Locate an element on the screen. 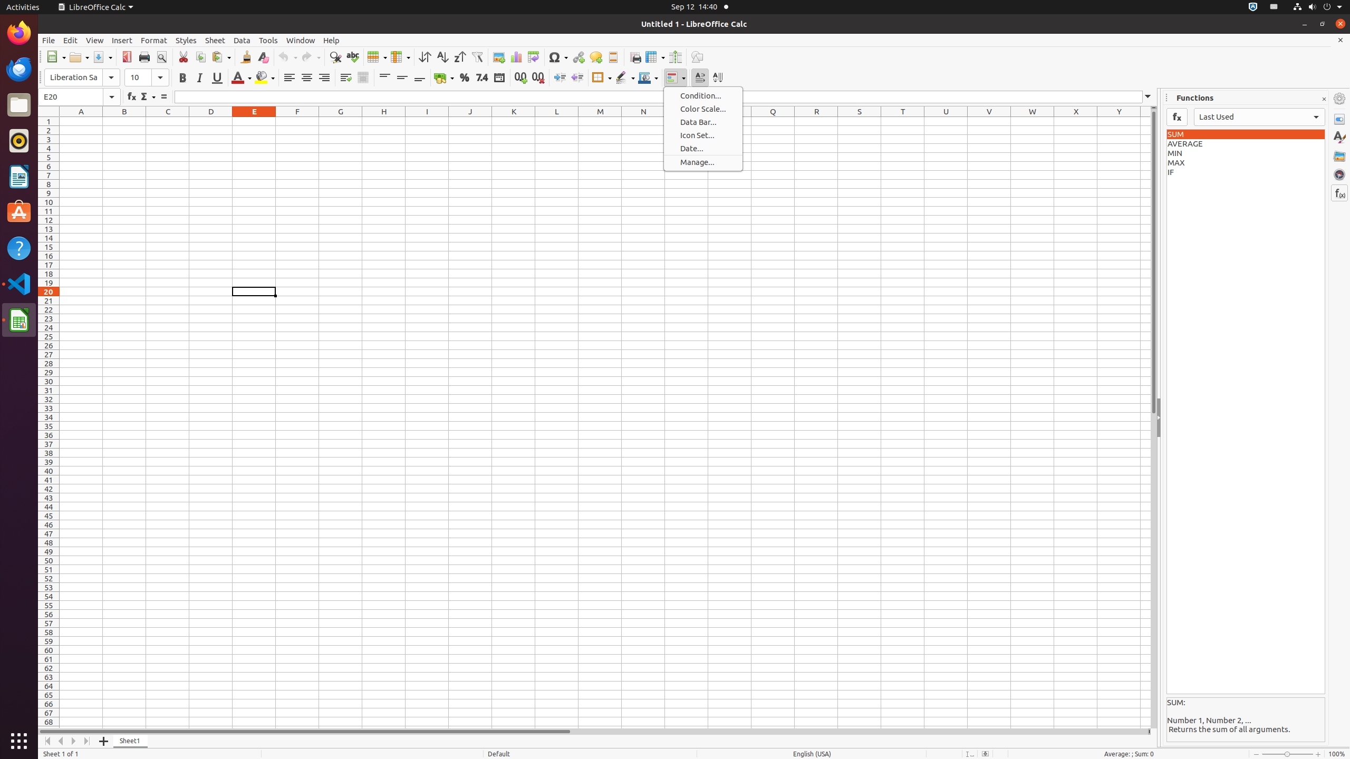  'Ubuntu Software' is located at coordinates (19, 212).